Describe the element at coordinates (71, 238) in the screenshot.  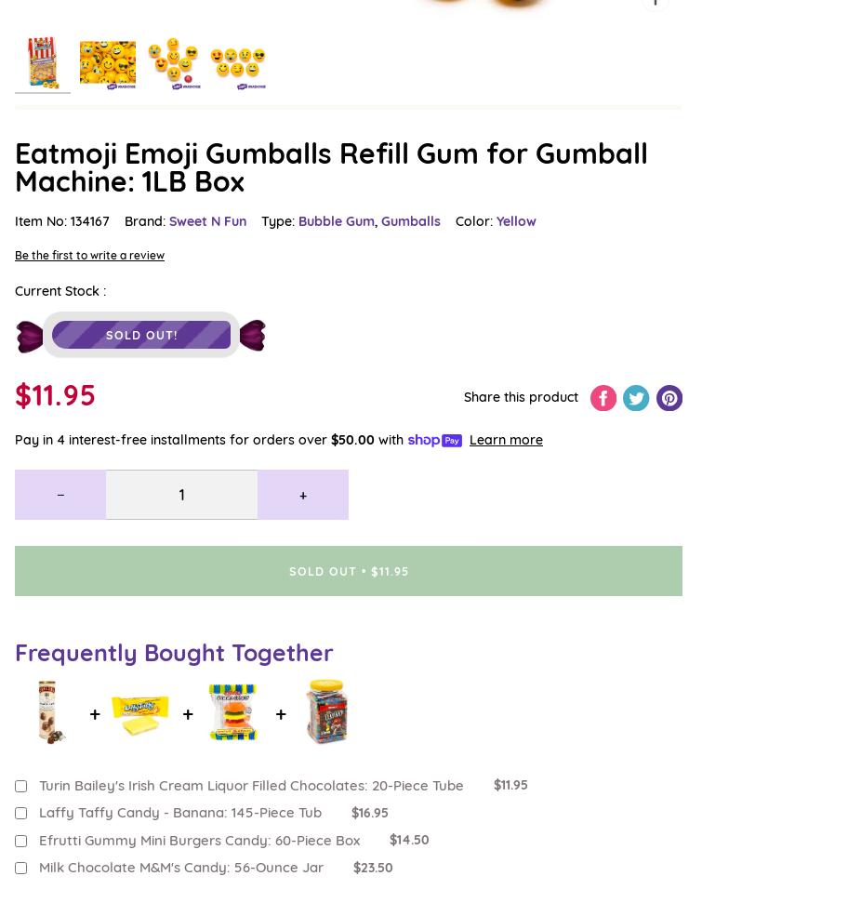
I see `'Gluten Free Candy'` at that location.